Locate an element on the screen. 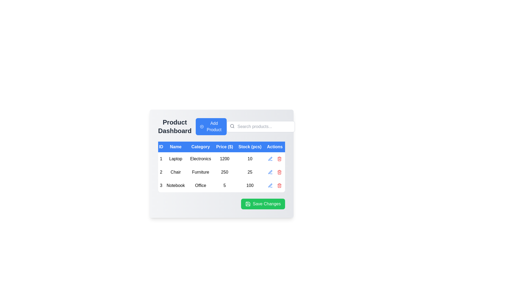 The width and height of the screenshot is (512, 288). the 'Notebook' text display in the second column of the third row of the table, which is situated between '3' and 'Office' is located at coordinates (175, 185).